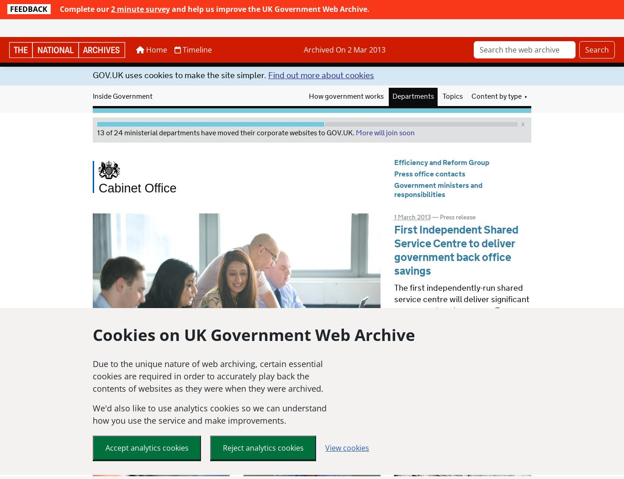 The image size is (624, 479). What do you see at coordinates (596, 32) in the screenshot?
I see `'Search'` at bounding box center [596, 32].